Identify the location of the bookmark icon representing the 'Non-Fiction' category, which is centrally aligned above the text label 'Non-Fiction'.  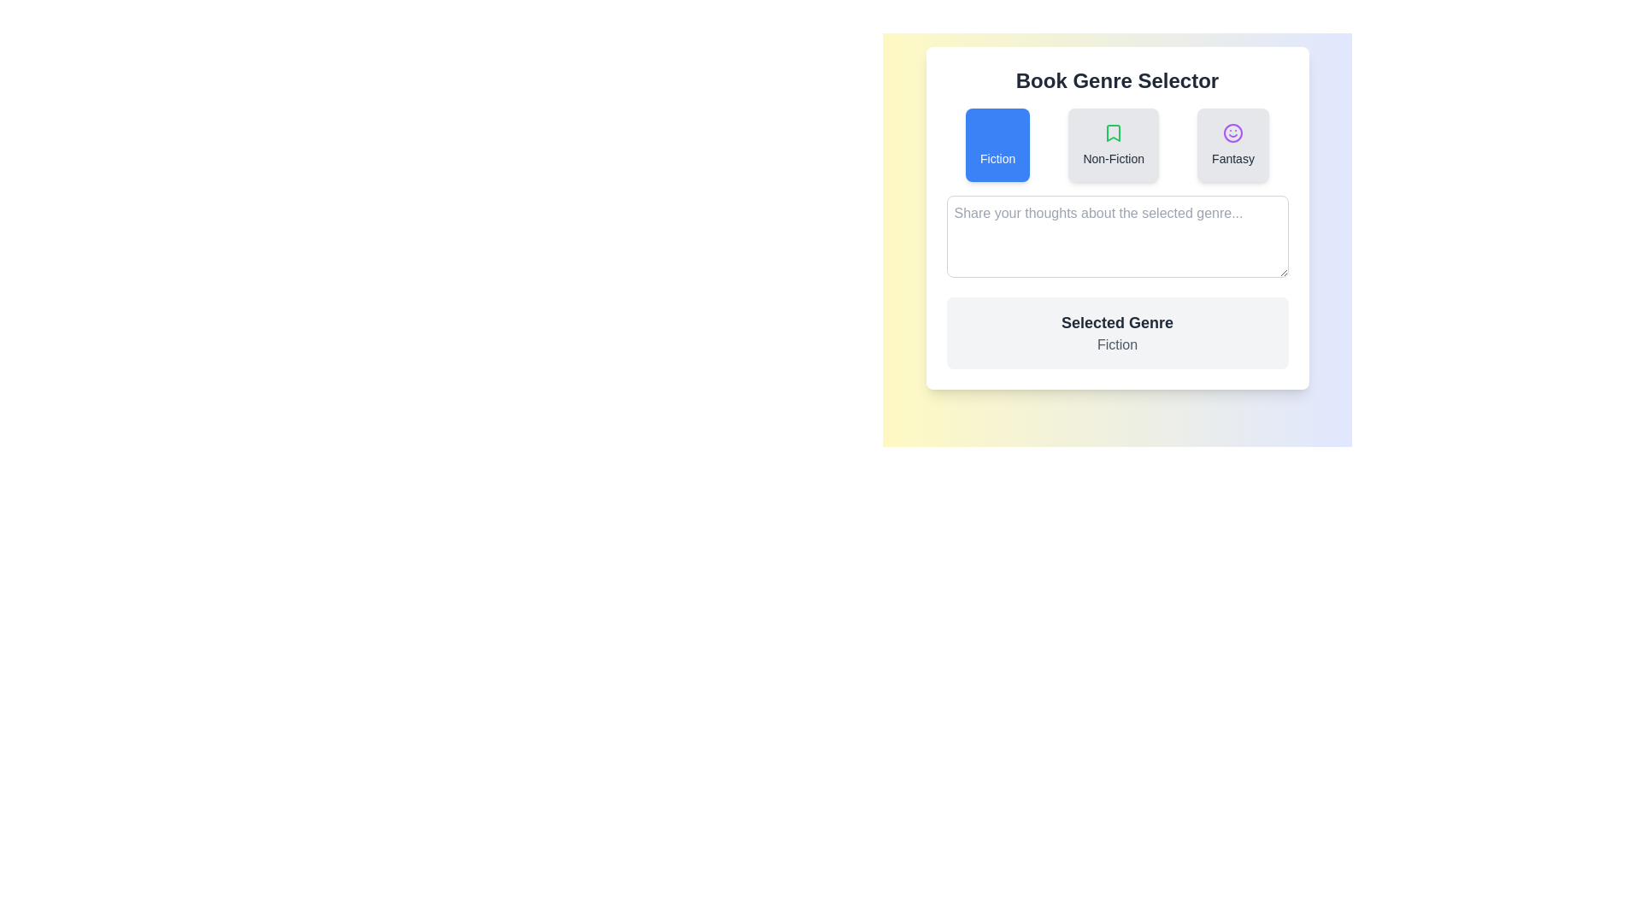
(1114, 132).